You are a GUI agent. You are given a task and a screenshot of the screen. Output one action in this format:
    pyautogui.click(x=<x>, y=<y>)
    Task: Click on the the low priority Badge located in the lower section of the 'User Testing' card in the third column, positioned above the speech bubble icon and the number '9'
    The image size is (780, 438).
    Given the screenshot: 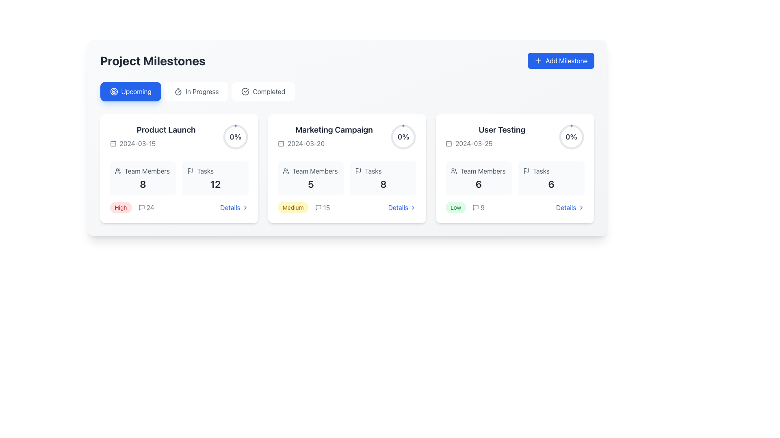 What is the action you would take?
    pyautogui.click(x=456, y=207)
    